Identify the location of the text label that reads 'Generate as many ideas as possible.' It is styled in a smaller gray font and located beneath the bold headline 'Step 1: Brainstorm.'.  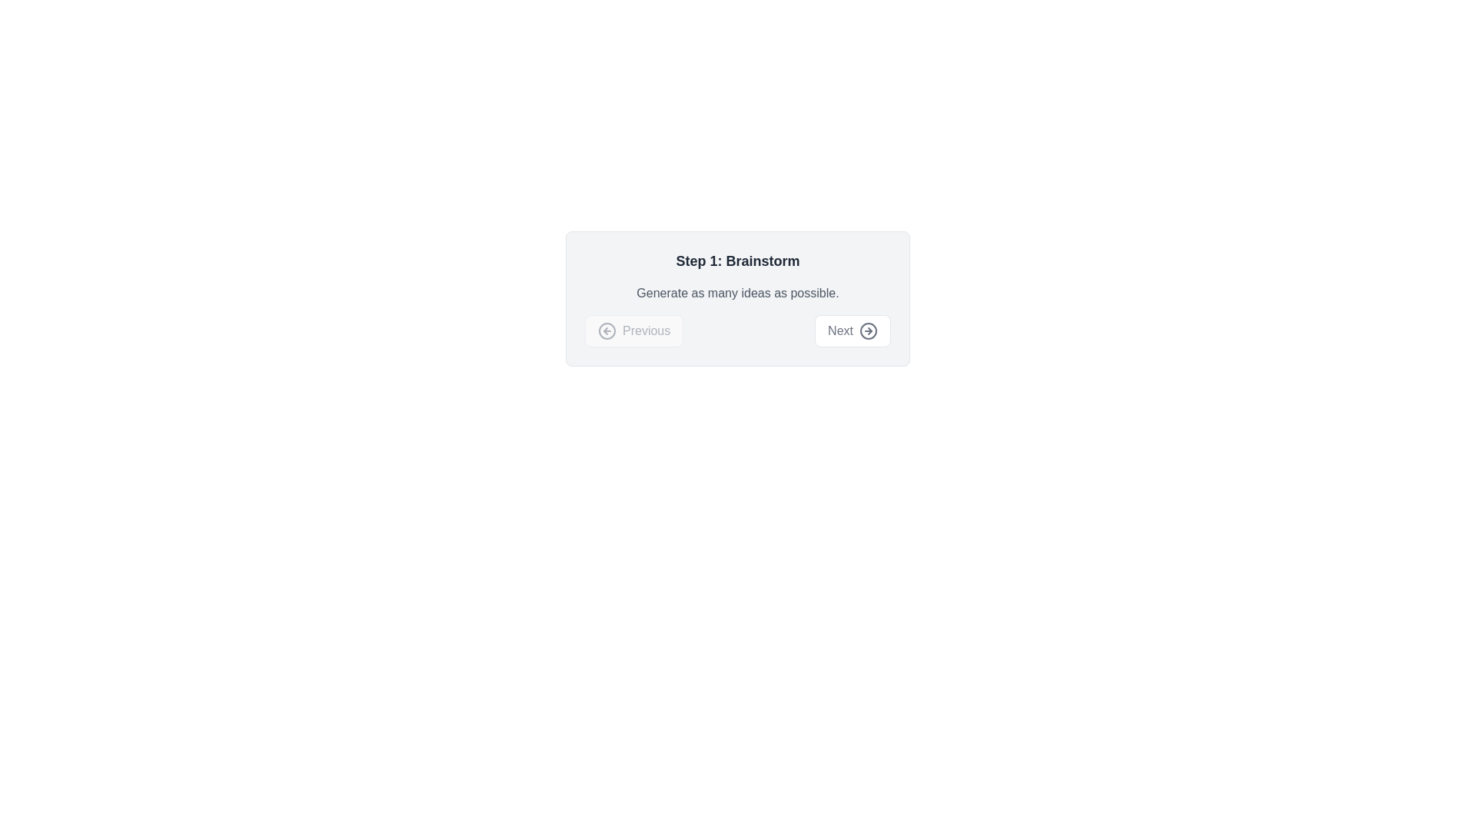
(738, 293).